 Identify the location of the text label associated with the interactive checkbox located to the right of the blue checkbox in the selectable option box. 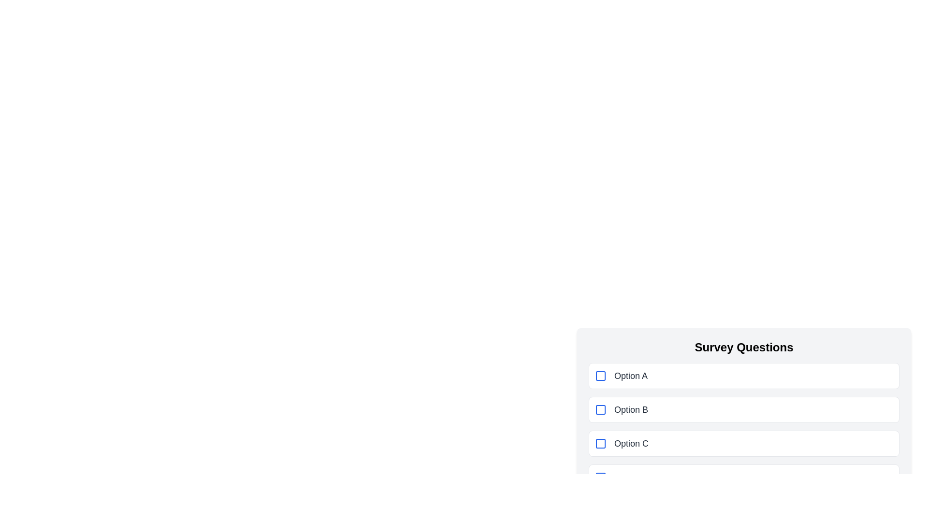
(631, 410).